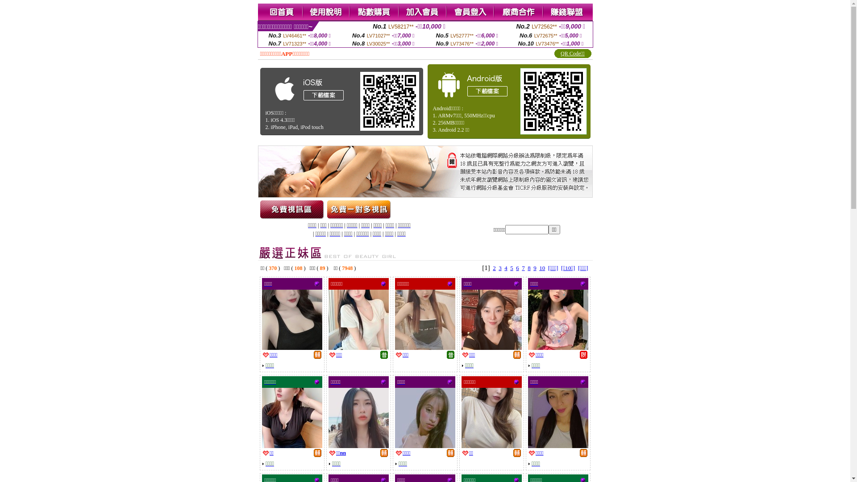  What do you see at coordinates (500, 267) in the screenshot?
I see `'3'` at bounding box center [500, 267].